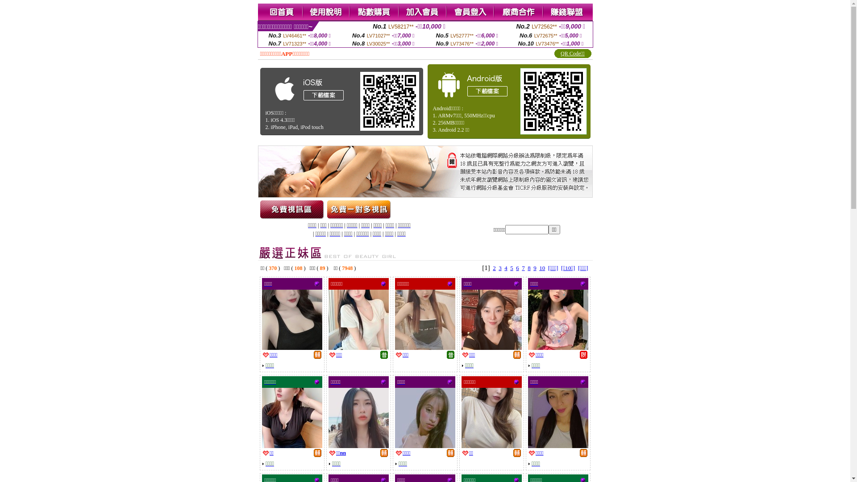  What do you see at coordinates (500, 267) in the screenshot?
I see `'3'` at bounding box center [500, 267].